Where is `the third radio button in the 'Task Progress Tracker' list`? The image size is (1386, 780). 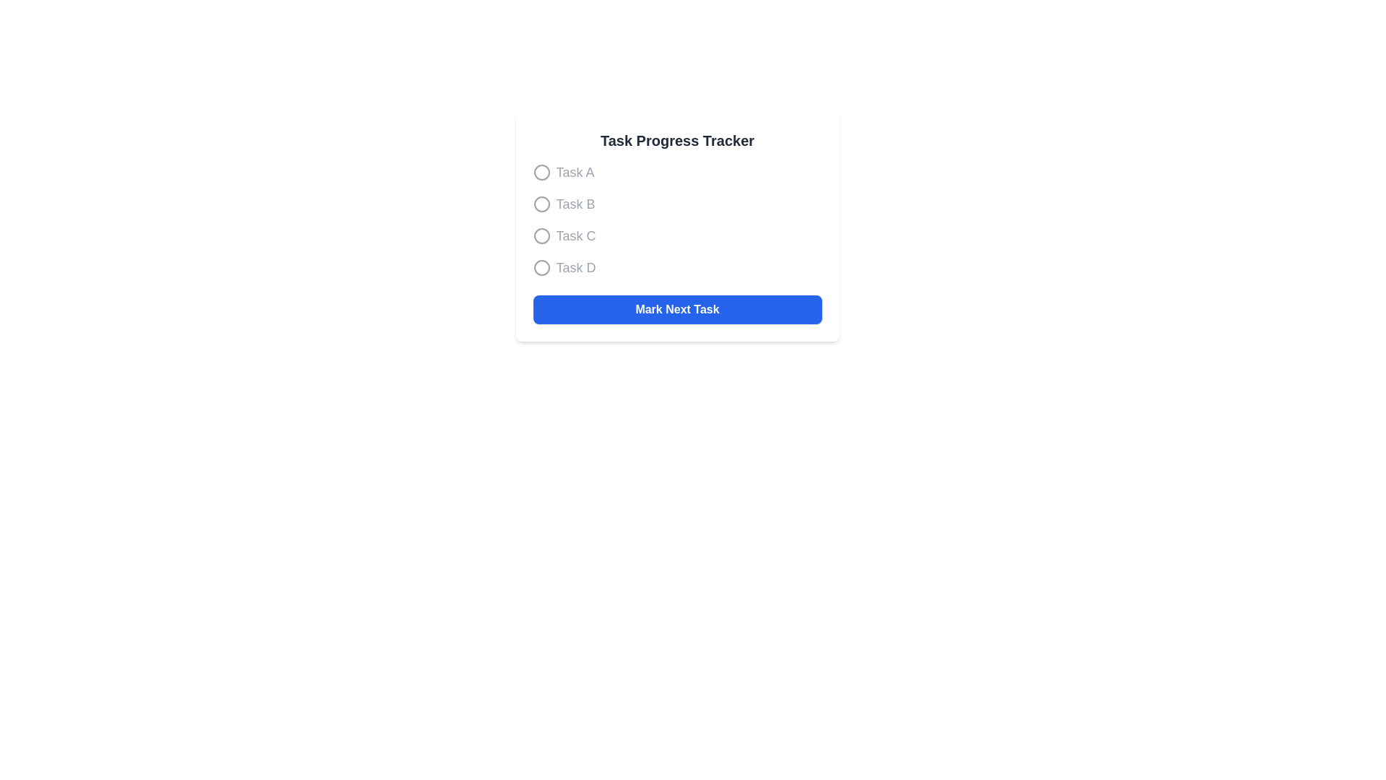 the third radio button in the 'Task Progress Tracker' list is located at coordinates (676, 235).